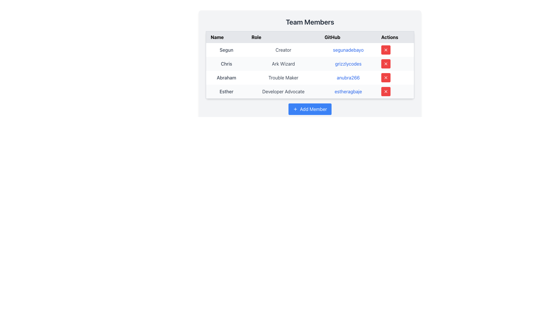 The height and width of the screenshot is (312, 555). Describe the element at coordinates (310, 109) in the screenshot. I see `the button located below the team member information table` at that location.